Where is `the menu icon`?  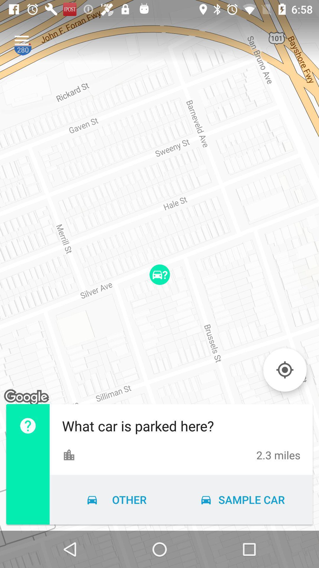
the menu icon is located at coordinates (21, 40).